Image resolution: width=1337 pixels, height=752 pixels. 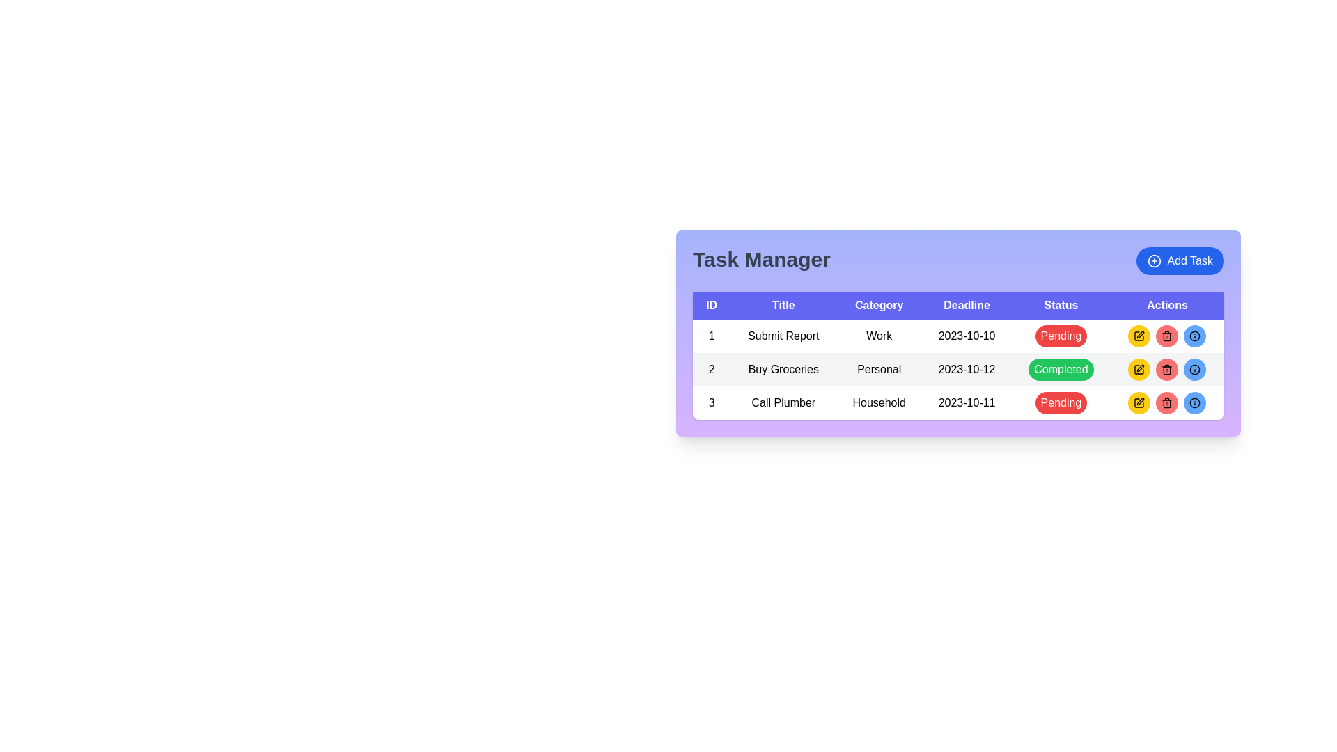 I want to click on the fourth button in the 'Actions' column of the first row in the task table, so click(x=1194, y=336).